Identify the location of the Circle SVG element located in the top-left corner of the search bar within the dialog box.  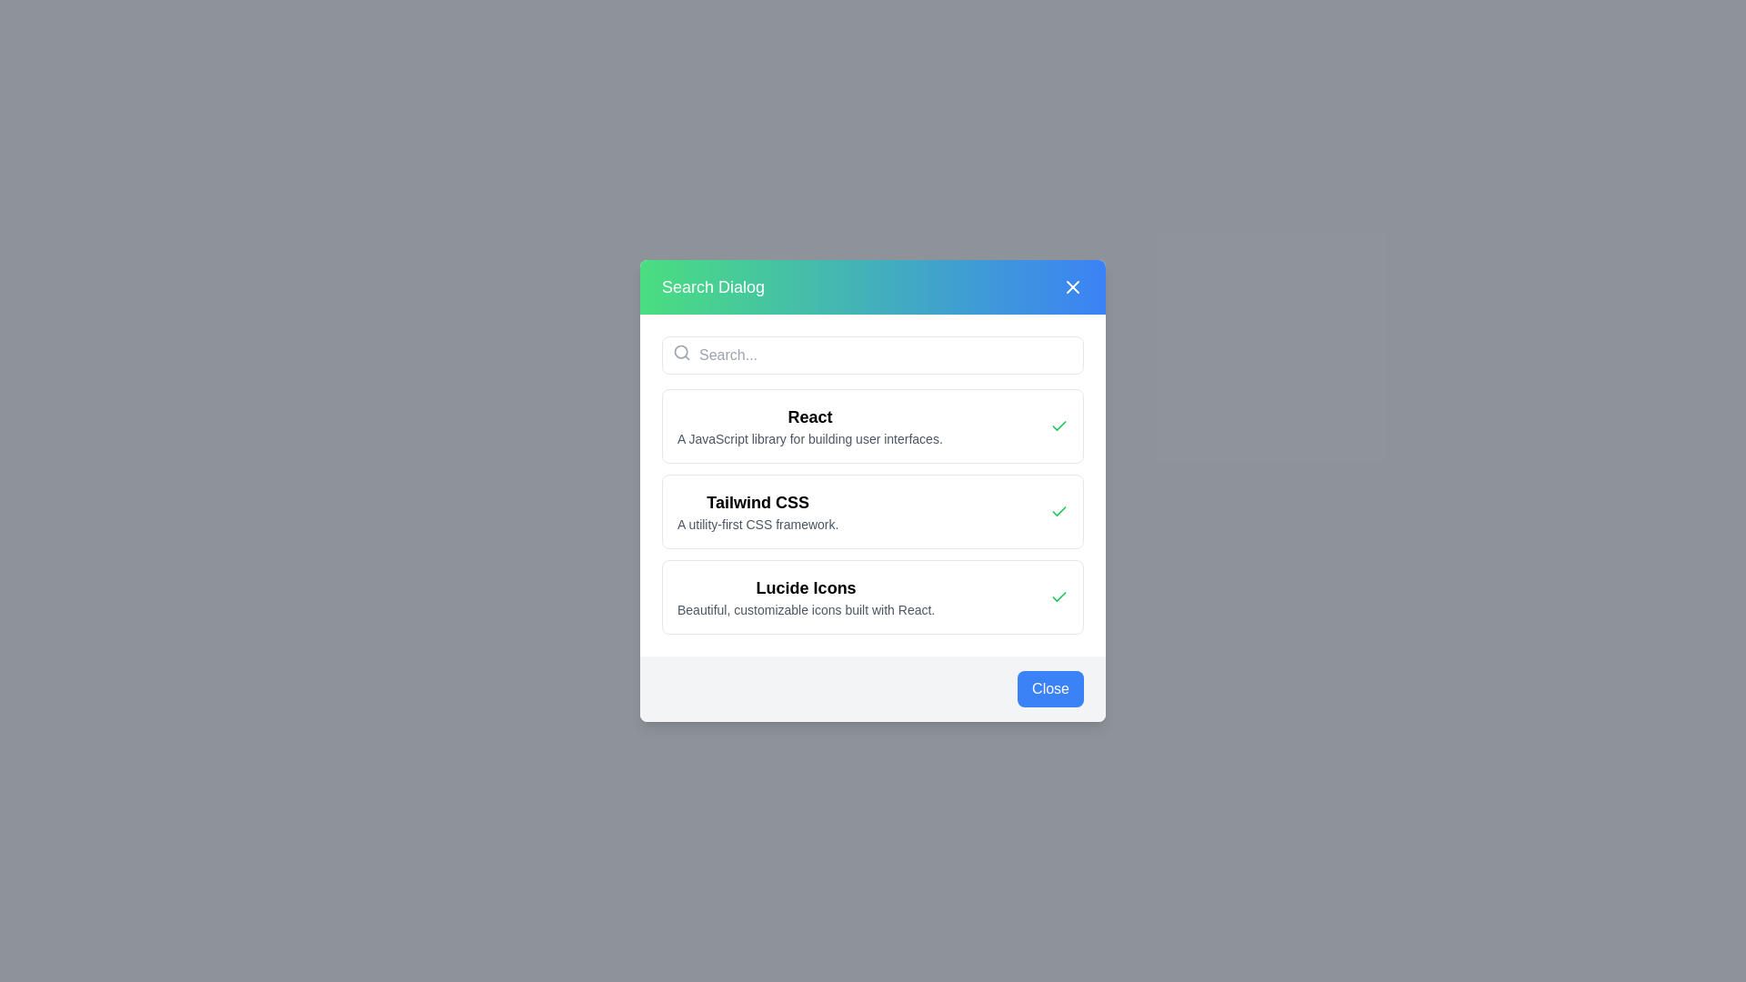
(680, 352).